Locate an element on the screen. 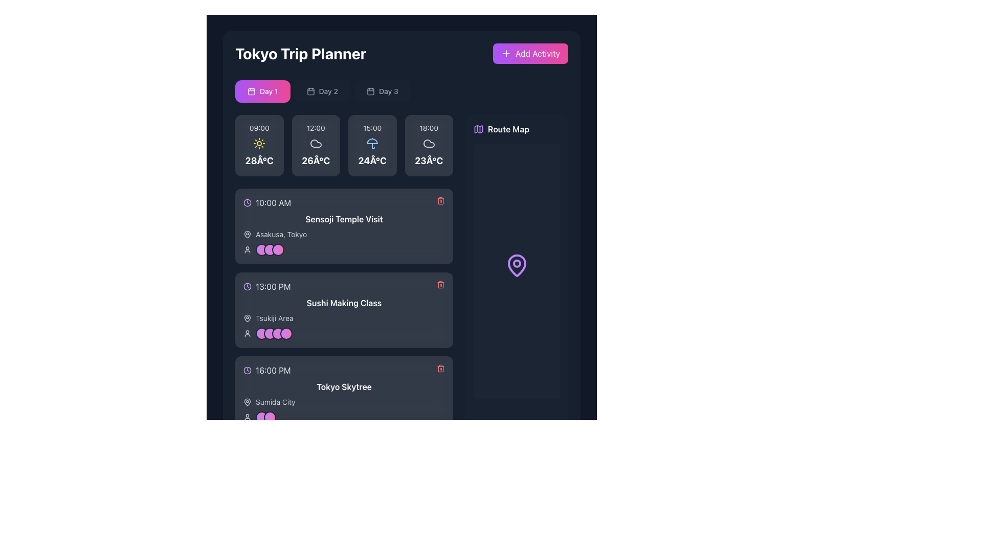 The height and width of the screenshot is (552, 982). the linked page of the User group visualization component in the 'Sushi Making Class' section, if enabled is located at coordinates (344, 333).